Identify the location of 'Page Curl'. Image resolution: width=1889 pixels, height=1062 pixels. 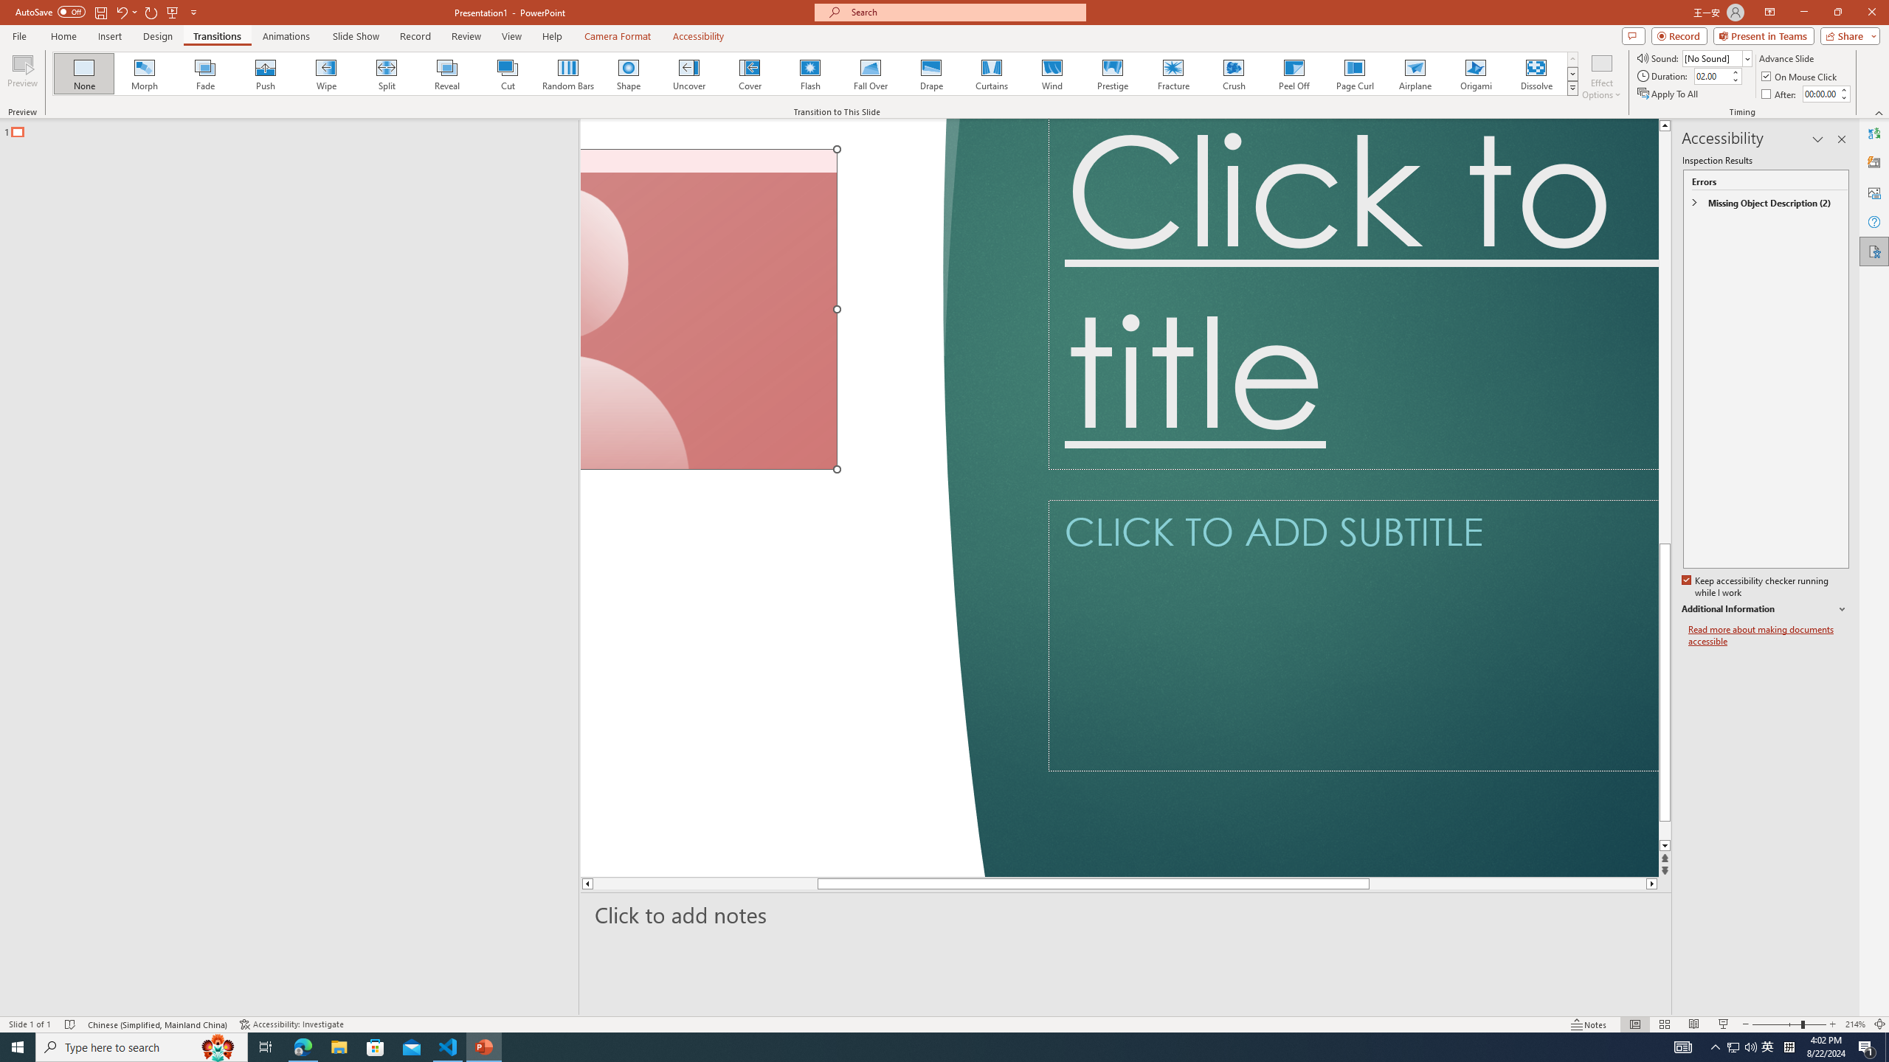
(1353, 73).